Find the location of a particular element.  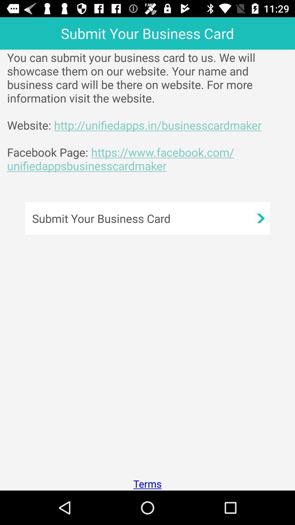

the app below the submit your business app is located at coordinates (151, 111).